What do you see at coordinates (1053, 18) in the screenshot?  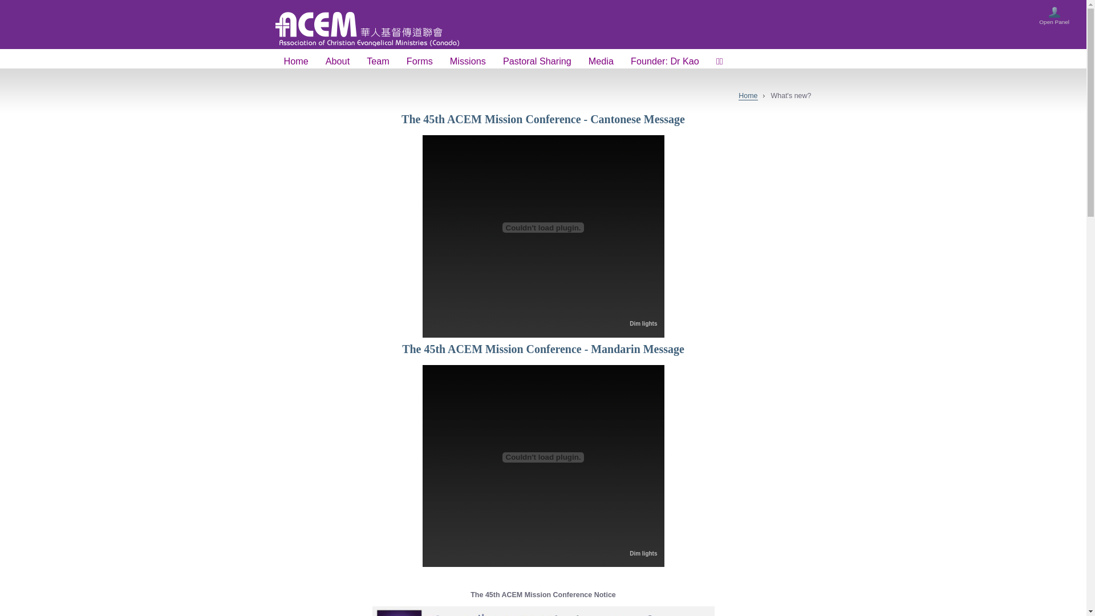 I see `'Open Panel'` at bounding box center [1053, 18].